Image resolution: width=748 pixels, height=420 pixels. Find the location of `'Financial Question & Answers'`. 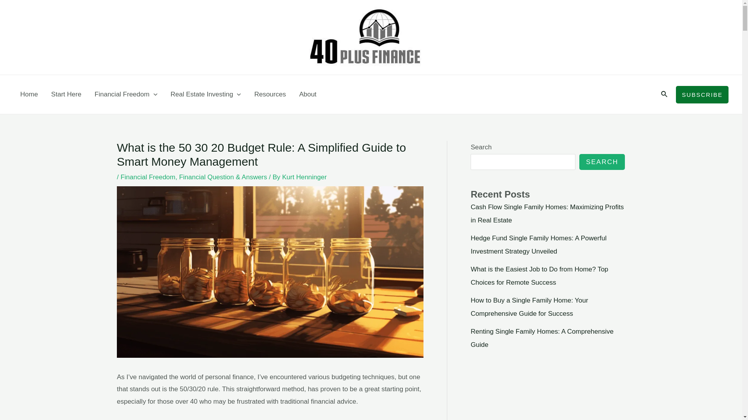

'Financial Question & Answers' is located at coordinates (222, 177).